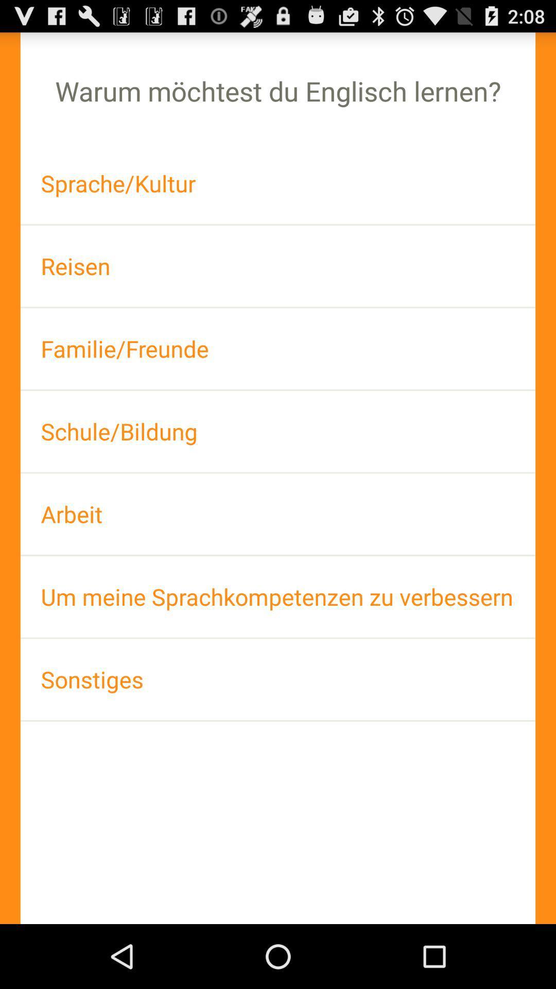 The width and height of the screenshot is (556, 989). Describe the element at coordinates (278, 349) in the screenshot. I see `familie/freunde app` at that location.